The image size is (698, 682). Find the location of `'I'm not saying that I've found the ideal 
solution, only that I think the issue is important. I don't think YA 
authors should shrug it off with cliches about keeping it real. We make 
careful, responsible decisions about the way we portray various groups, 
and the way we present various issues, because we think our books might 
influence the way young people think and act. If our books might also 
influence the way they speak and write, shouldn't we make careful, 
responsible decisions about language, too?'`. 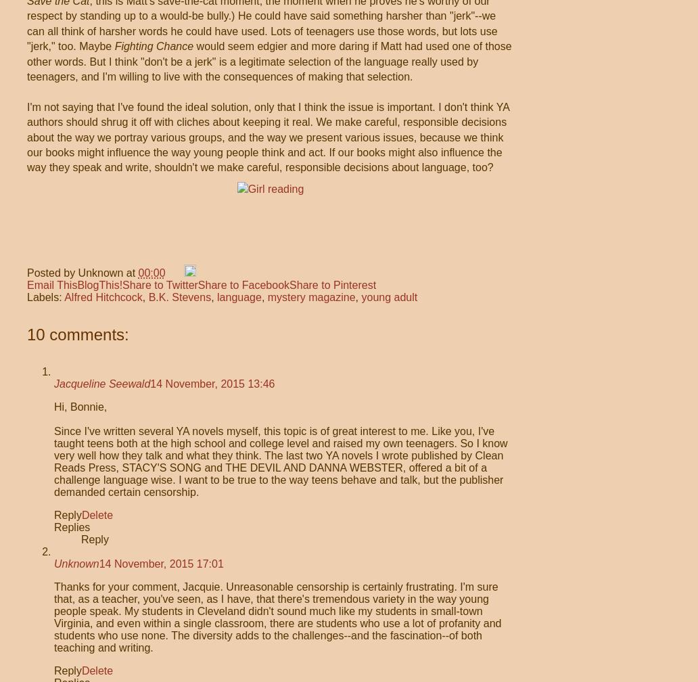

'I'm not saying that I've found the ideal 
solution, only that I think the issue is important. I don't think YA 
authors should shrug it off with cliches about keeping it real. We make 
careful, responsible decisions about the way we portray various groups, 
and the way we present various issues, because we think our books might 
influence the way young people think and act. If our books might also 
influence the way they speak and write, shouldn't we make careful, 
responsible decisions about language, too?' is located at coordinates (27, 137).